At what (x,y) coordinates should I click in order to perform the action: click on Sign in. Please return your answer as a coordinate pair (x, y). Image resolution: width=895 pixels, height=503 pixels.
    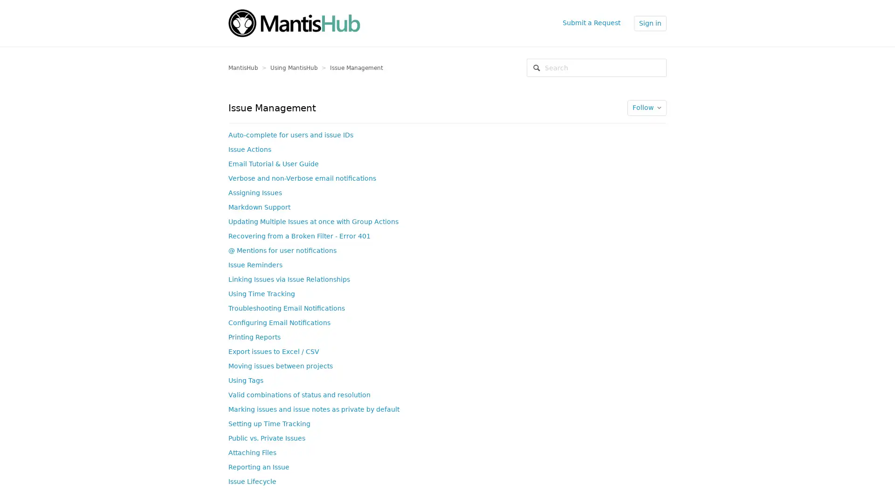
    Looking at the image, I should click on (650, 22).